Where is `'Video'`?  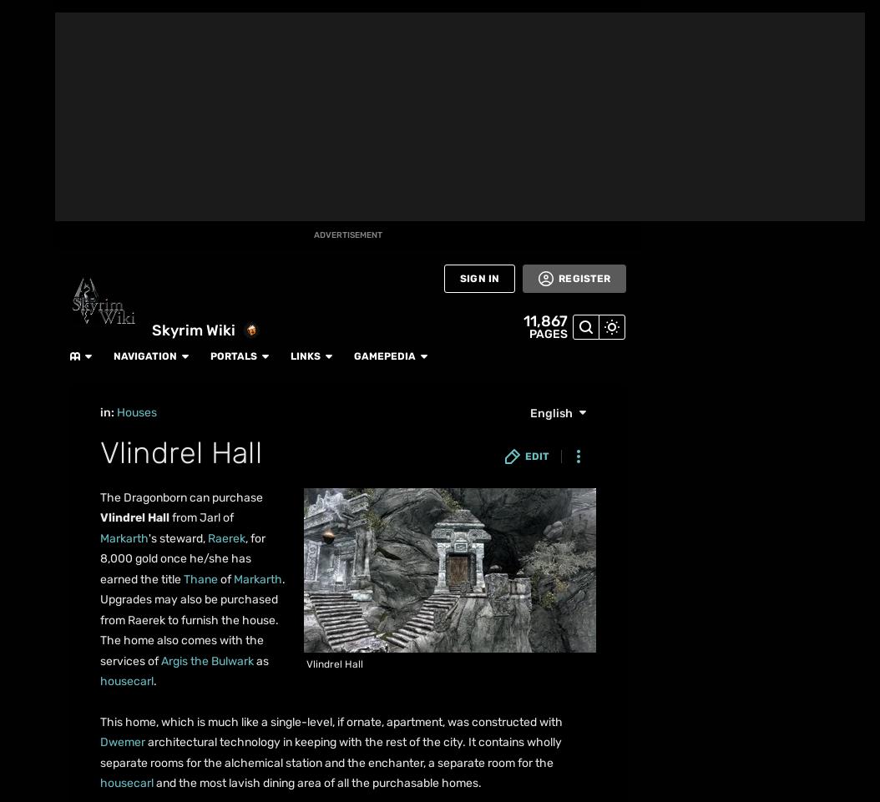
'Video' is located at coordinates (27, 477).